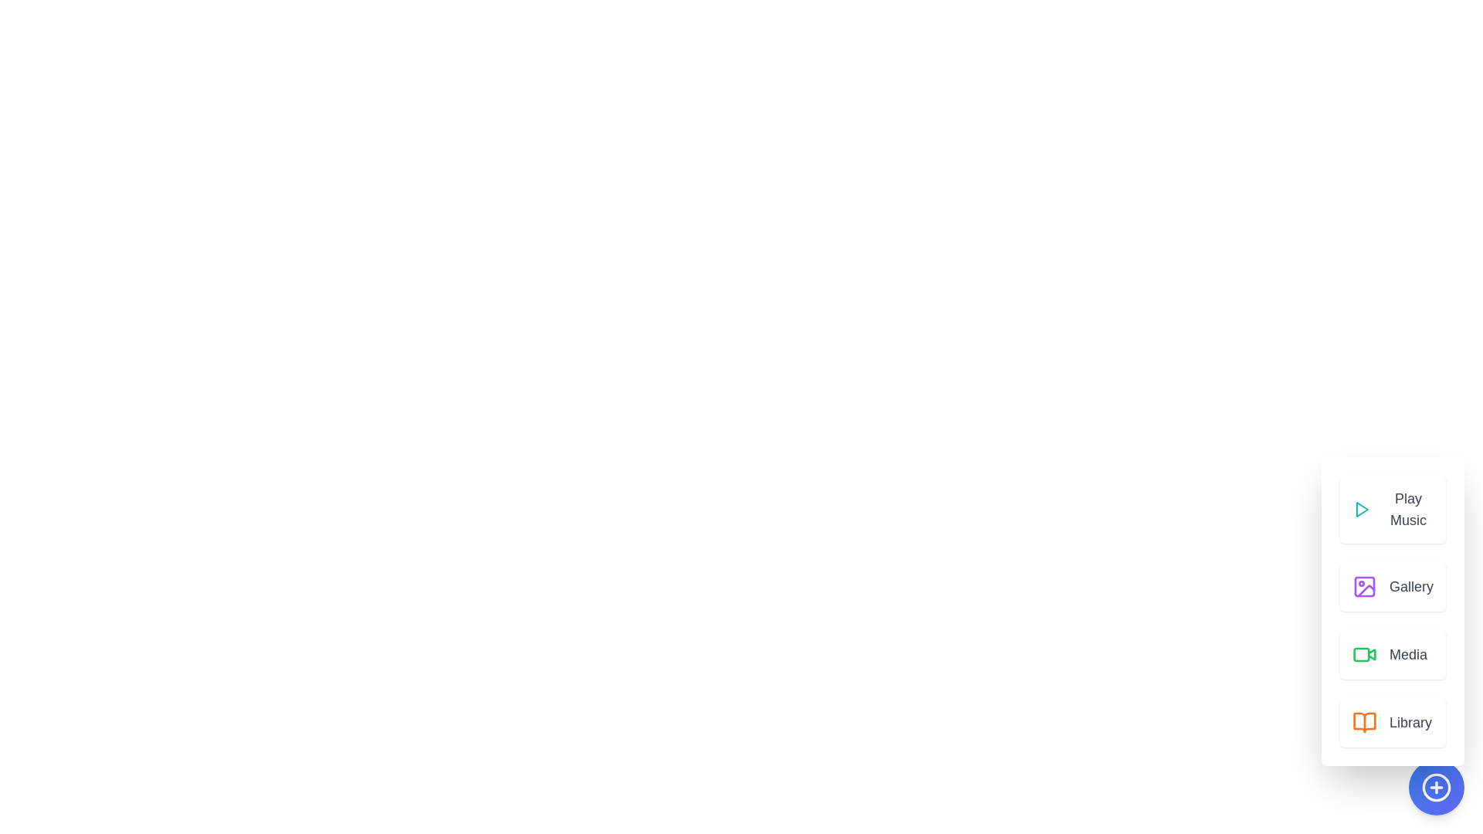  What do you see at coordinates (1393, 586) in the screenshot?
I see `the Gallery button to access the respective media content` at bounding box center [1393, 586].